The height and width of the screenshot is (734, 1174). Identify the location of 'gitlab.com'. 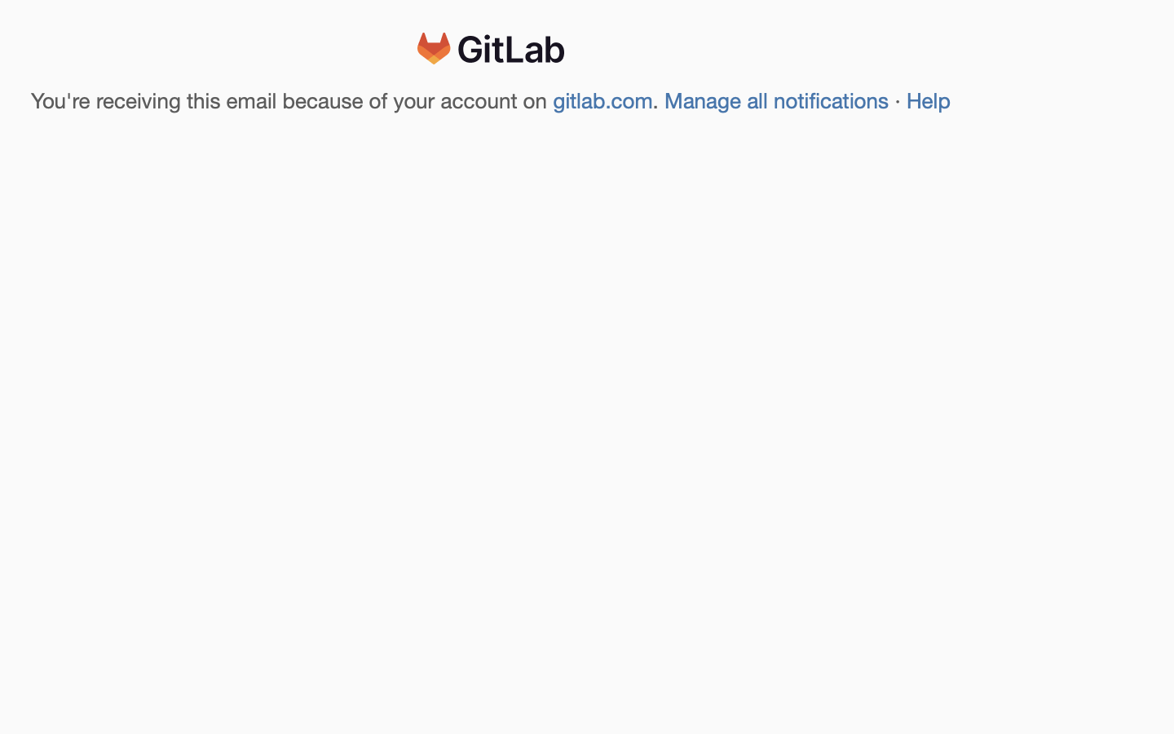
(602, 101).